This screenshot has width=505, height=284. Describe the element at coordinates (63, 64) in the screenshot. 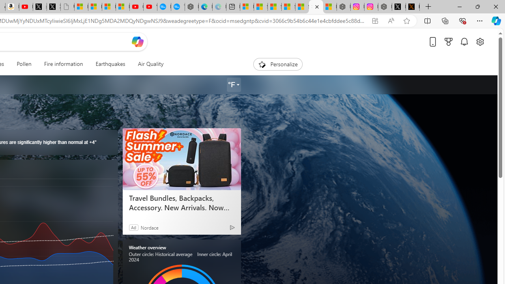

I see `'Fire information'` at that location.